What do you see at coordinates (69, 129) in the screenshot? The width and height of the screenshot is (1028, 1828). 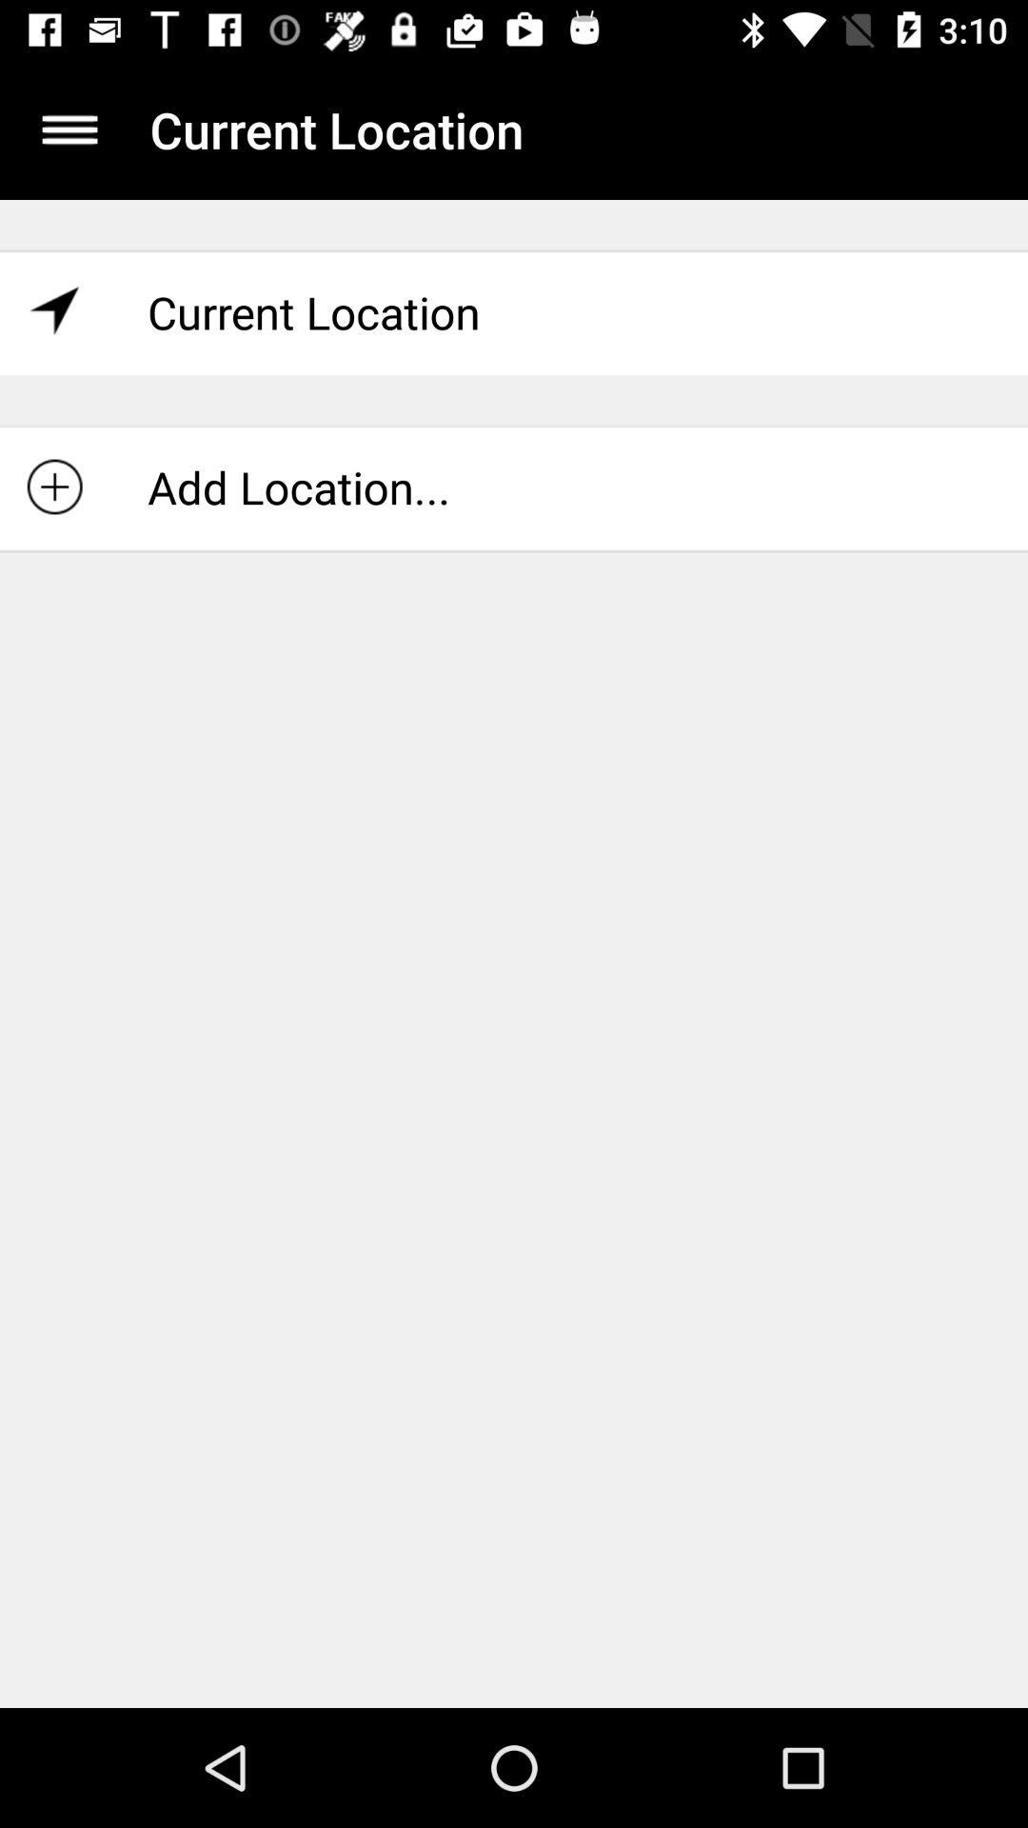 I see `open menu` at bounding box center [69, 129].